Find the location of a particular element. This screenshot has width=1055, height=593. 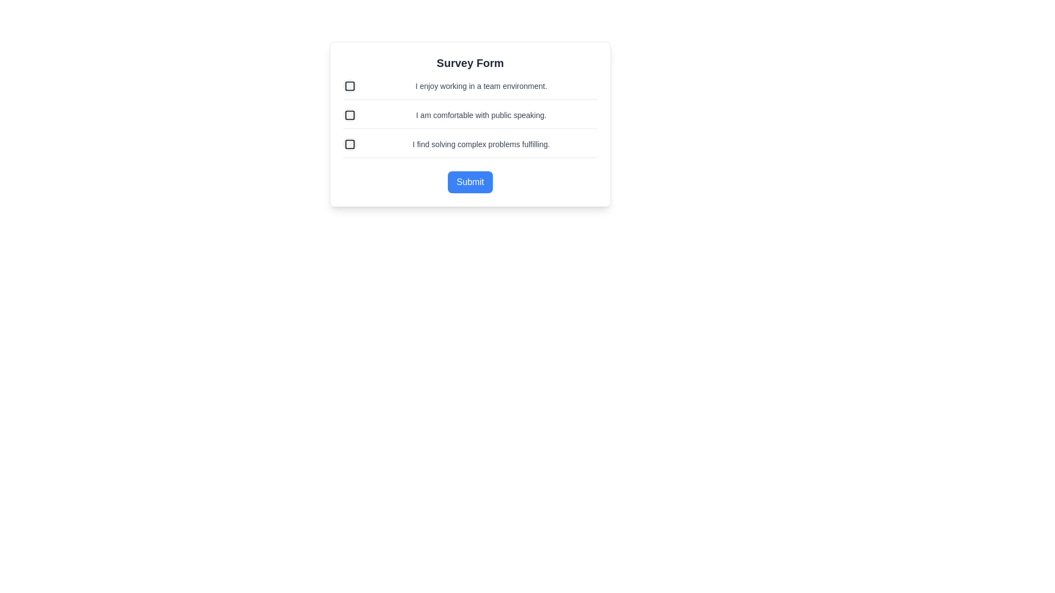

the checkbox icon with a thin black border and white center, located next to the text 'I find solving complex problems fulfilling.' is located at coordinates (349, 143).